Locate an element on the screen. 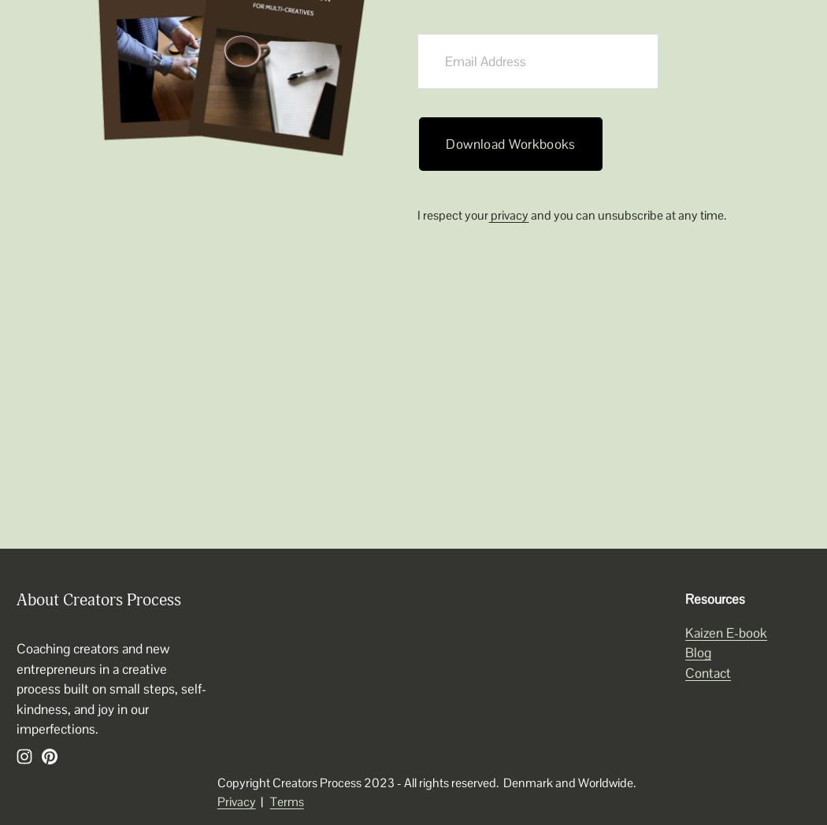 The image size is (827, 825). 'Terms' is located at coordinates (285, 801).